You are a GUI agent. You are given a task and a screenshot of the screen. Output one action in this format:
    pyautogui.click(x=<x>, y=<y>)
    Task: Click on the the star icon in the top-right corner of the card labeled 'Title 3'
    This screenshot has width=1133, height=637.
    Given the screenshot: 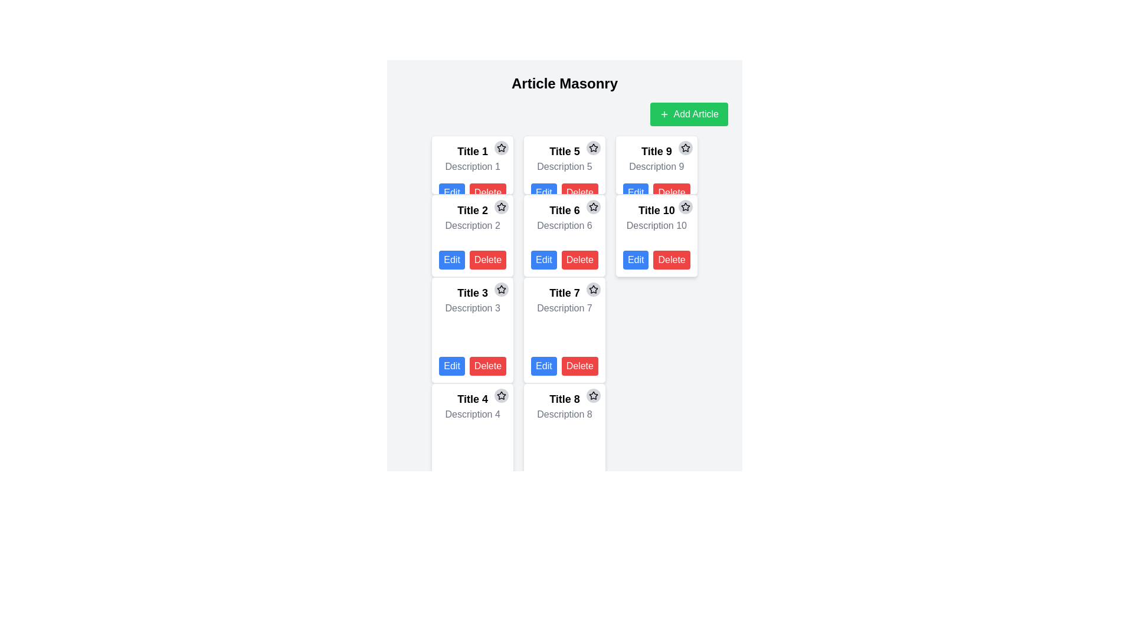 What is the action you would take?
    pyautogui.click(x=502, y=289)
    